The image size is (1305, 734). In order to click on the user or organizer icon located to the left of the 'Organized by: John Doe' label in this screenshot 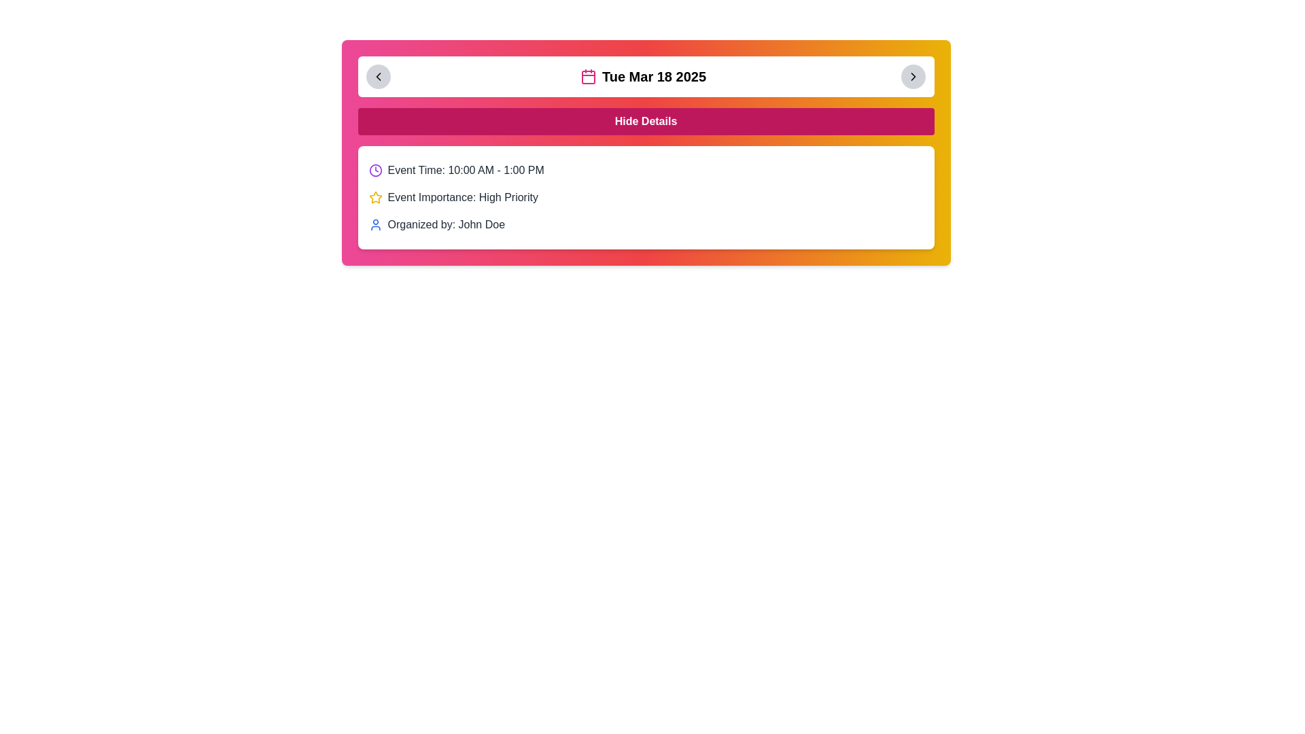, I will do `click(375, 224)`.